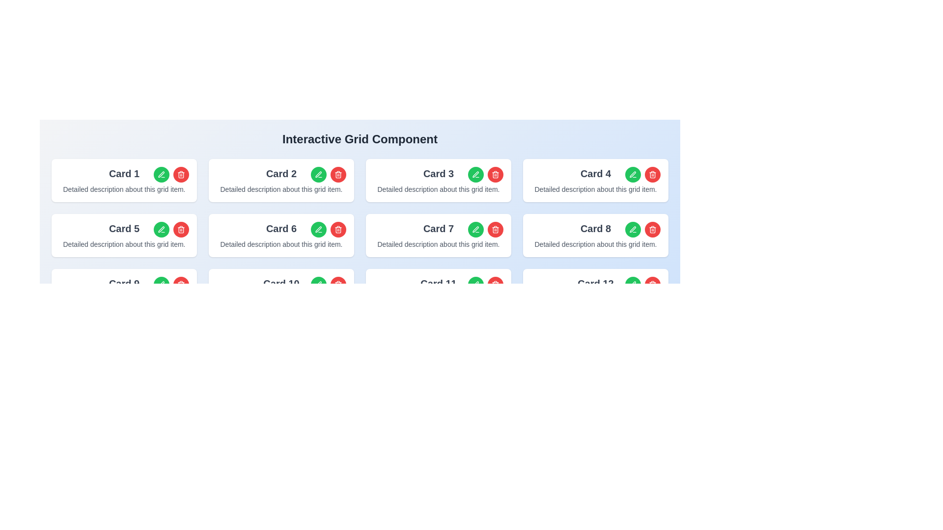 This screenshot has width=943, height=530. What do you see at coordinates (171, 174) in the screenshot?
I see `the red circular delete button with a white trash bin icon located in the upper right of 'Card 1'` at bounding box center [171, 174].